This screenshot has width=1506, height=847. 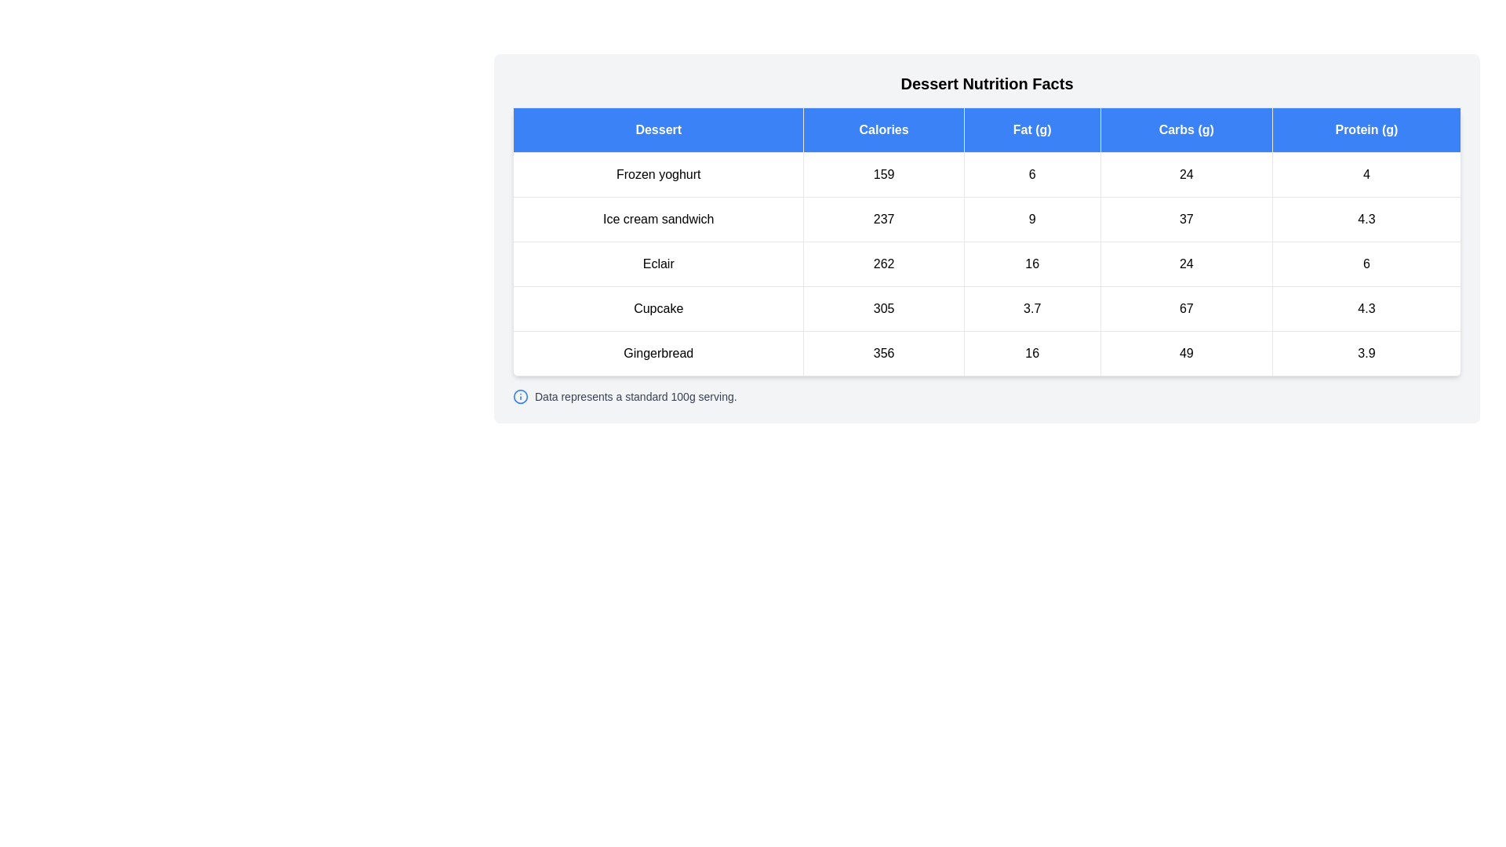 What do you see at coordinates (658, 220) in the screenshot?
I see `the text element corresponding to Ice cream sandwich` at bounding box center [658, 220].